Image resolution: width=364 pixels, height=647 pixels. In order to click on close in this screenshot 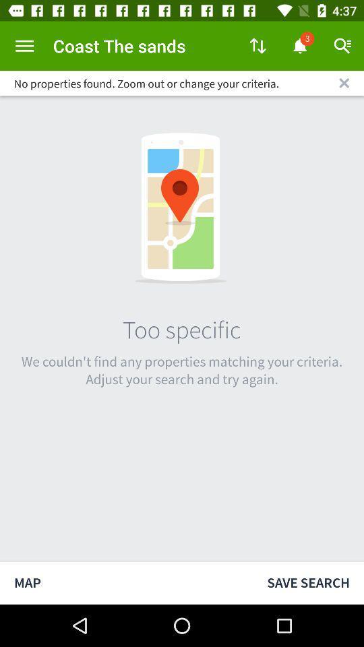, I will do `click(344, 82)`.